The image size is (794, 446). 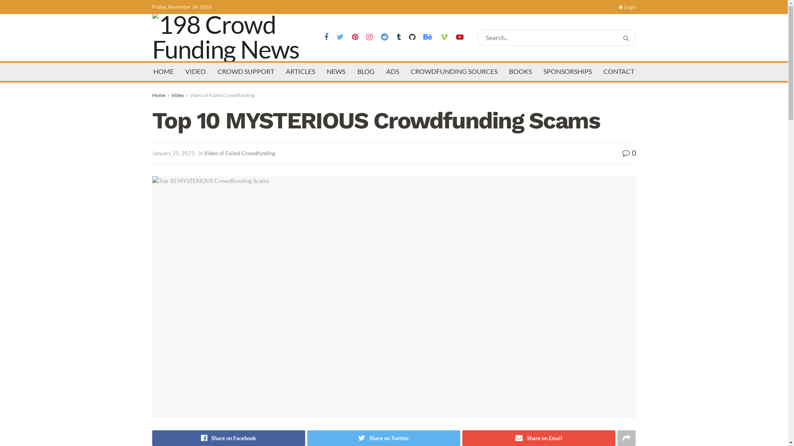 What do you see at coordinates (629, 153) in the screenshot?
I see `'0'` at bounding box center [629, 153].